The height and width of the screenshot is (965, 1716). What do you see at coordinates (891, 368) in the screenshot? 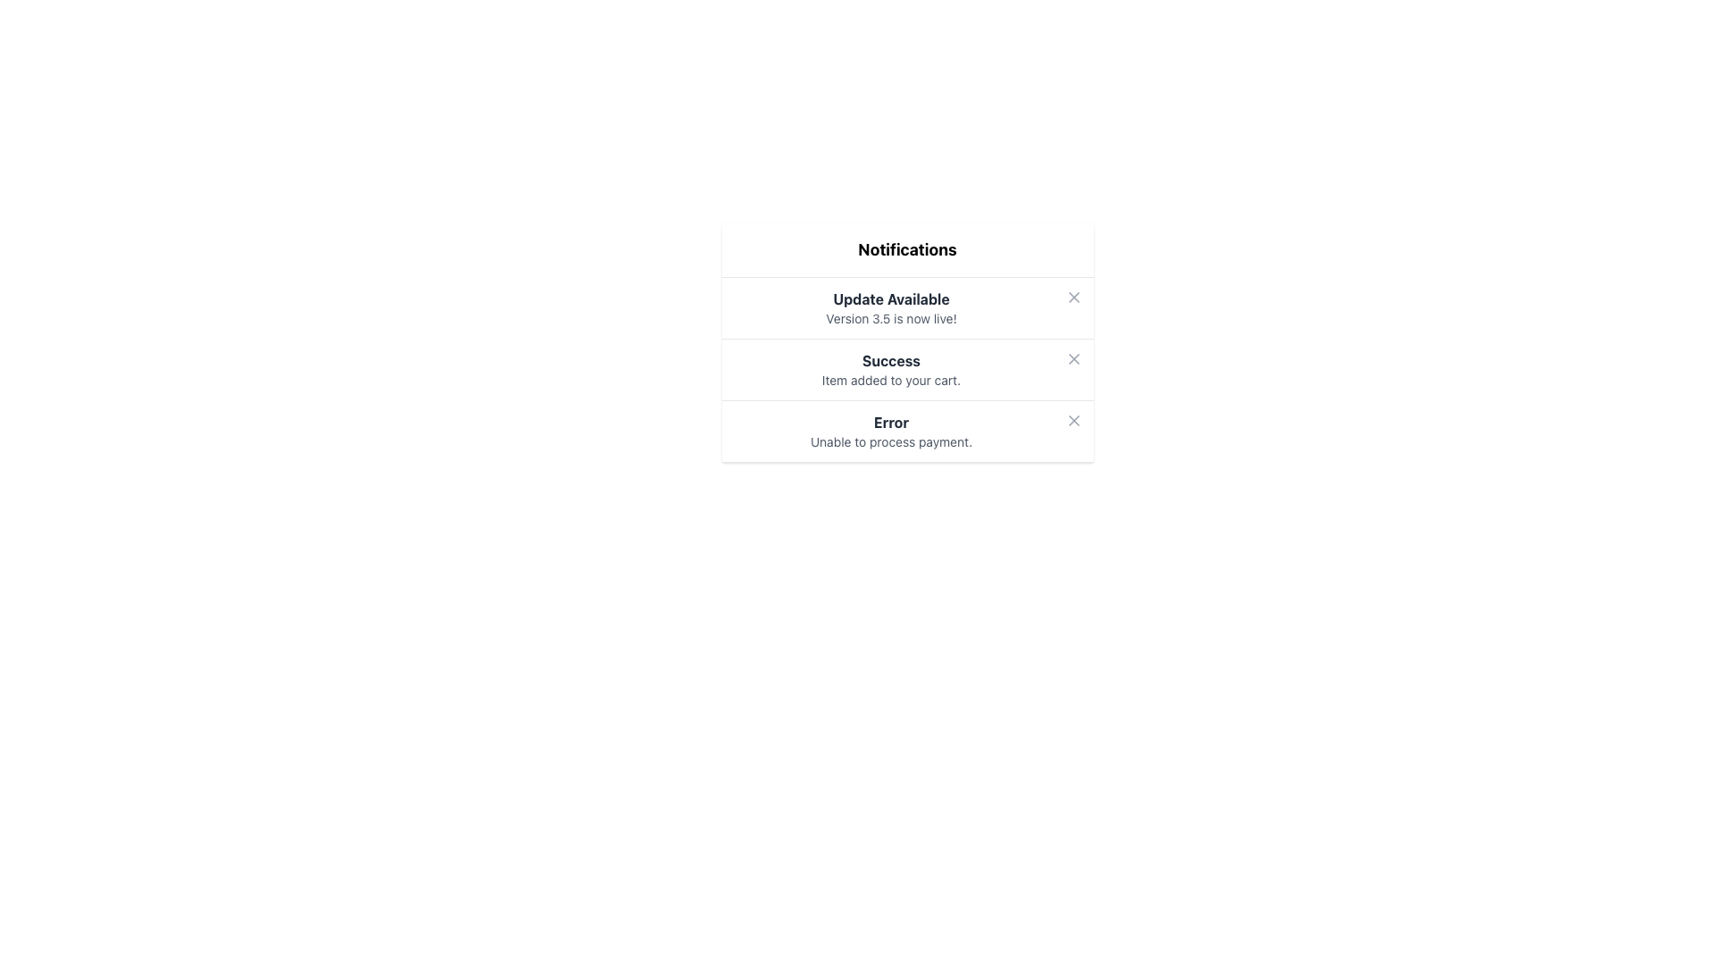
I see `the second notification item in the notification banner that indicates a successful addition of an item to the cart` at bounding box center [891, 368].